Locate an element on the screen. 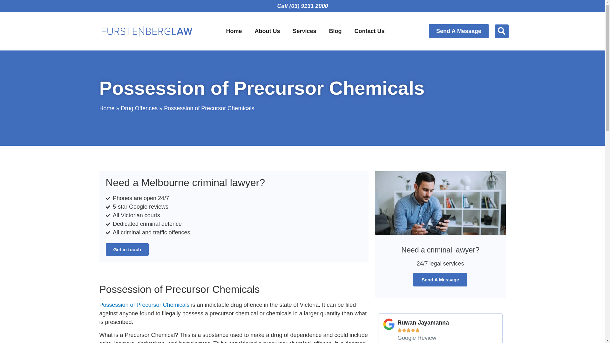 The width and height of the screenshot is (610, 343). 'Get in touch' is located at coordinates (127, 249).